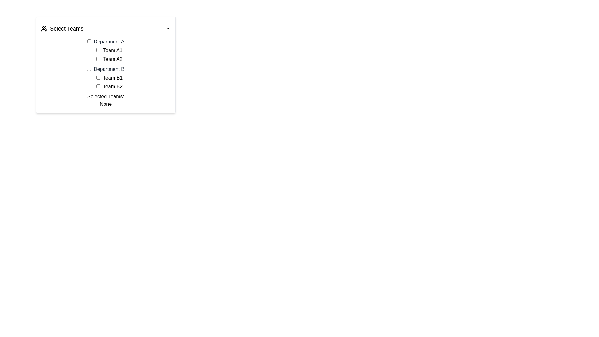  What do you see at coordinates (98, 59) in the screenshot?
I see `the small square checkbox located to the left of the 'Team A2' text label` at bounding box center [98, 59].